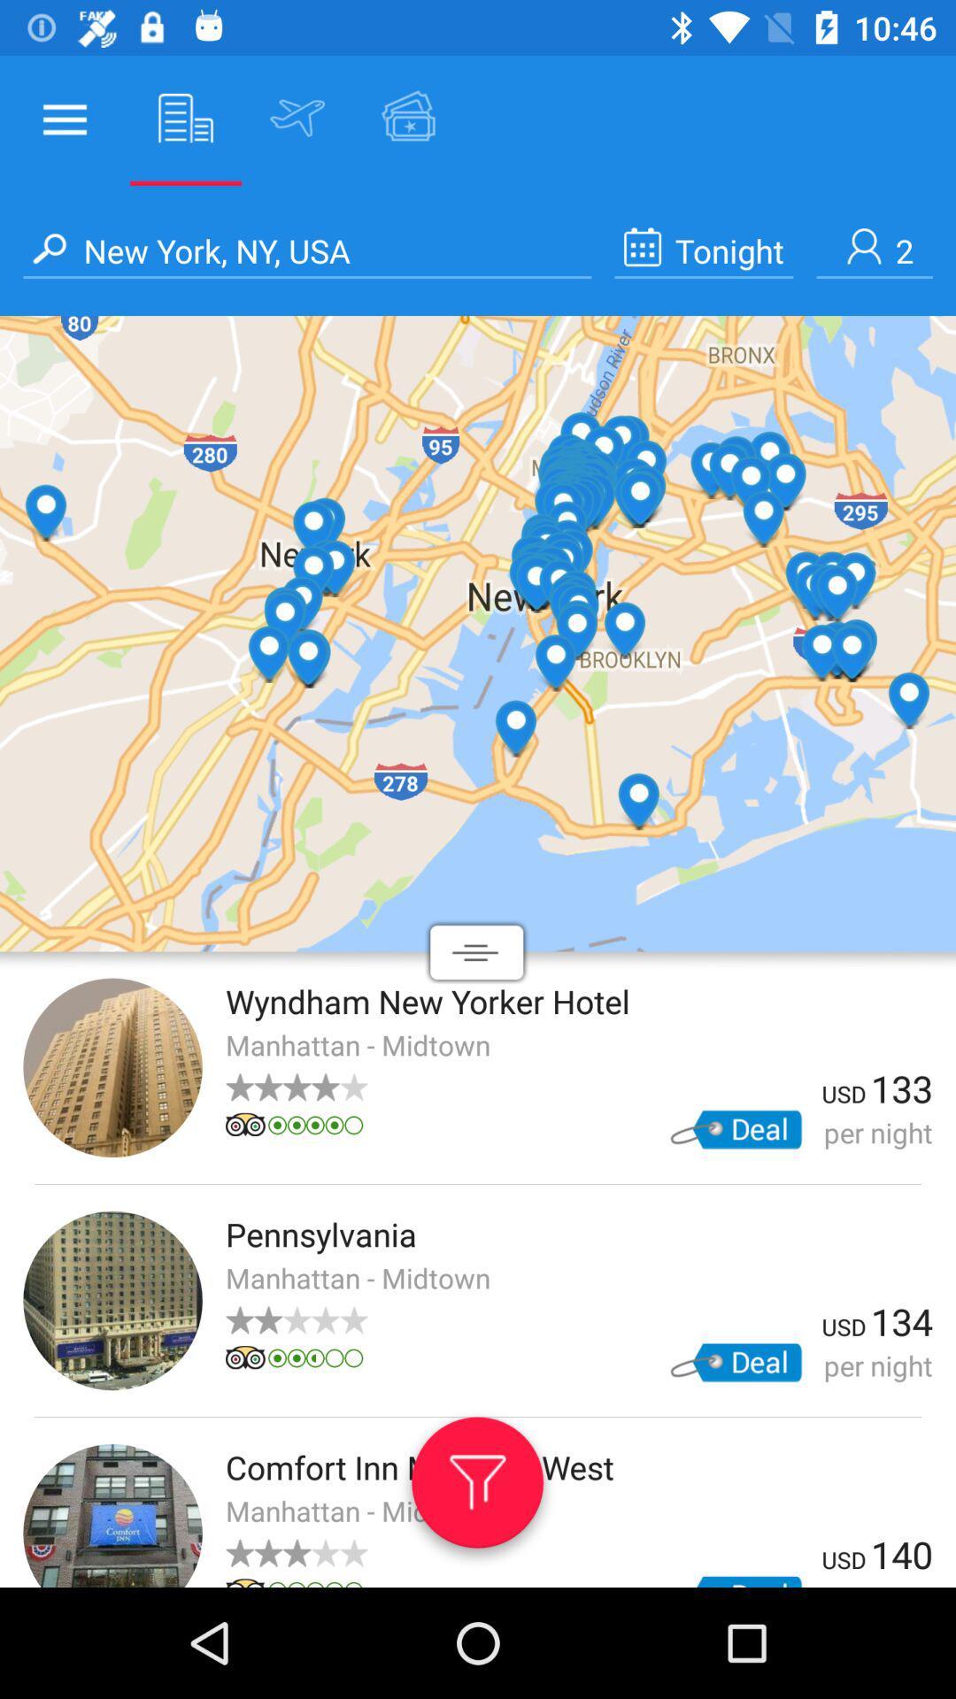 This screenshot has width=956, height=1699. What do you see at coordinates (476, 1488) in the screenshot?
I see `the filter icon` at bounding box center [476, 1488].